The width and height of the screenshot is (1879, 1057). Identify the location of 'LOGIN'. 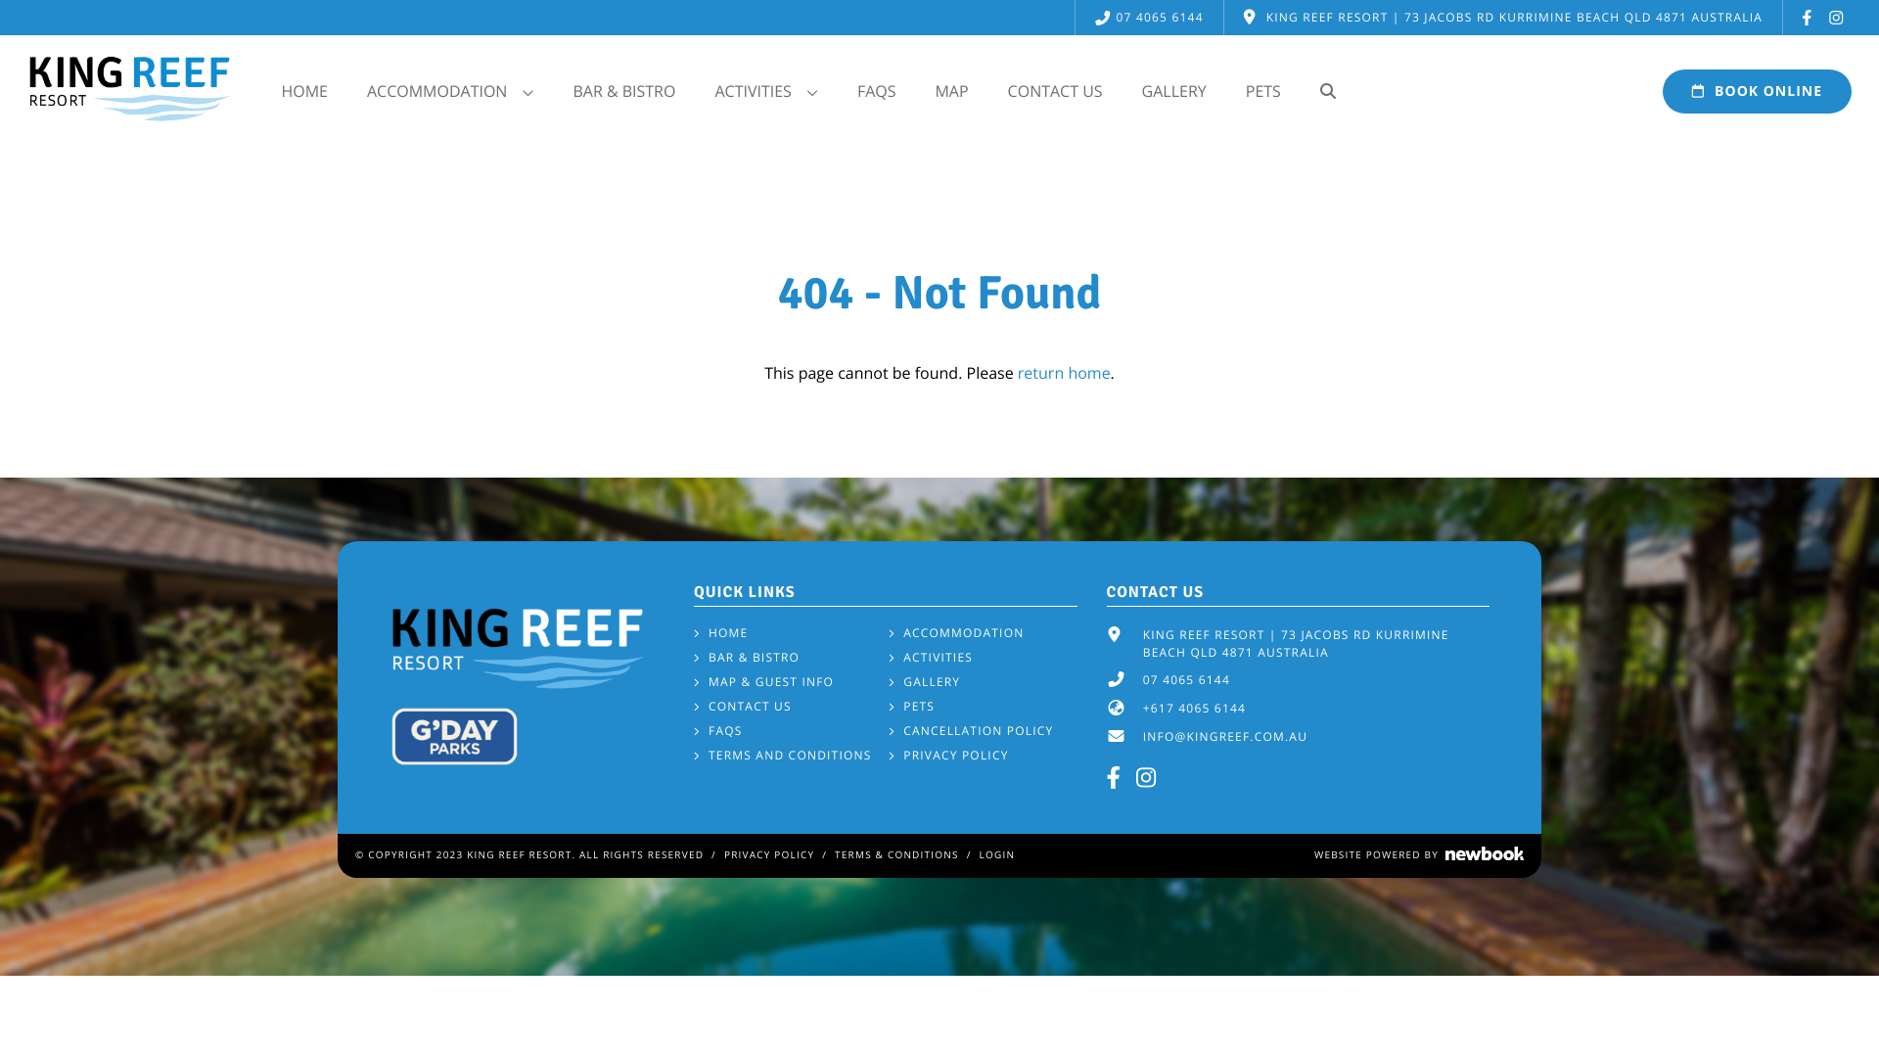
(997, 852).